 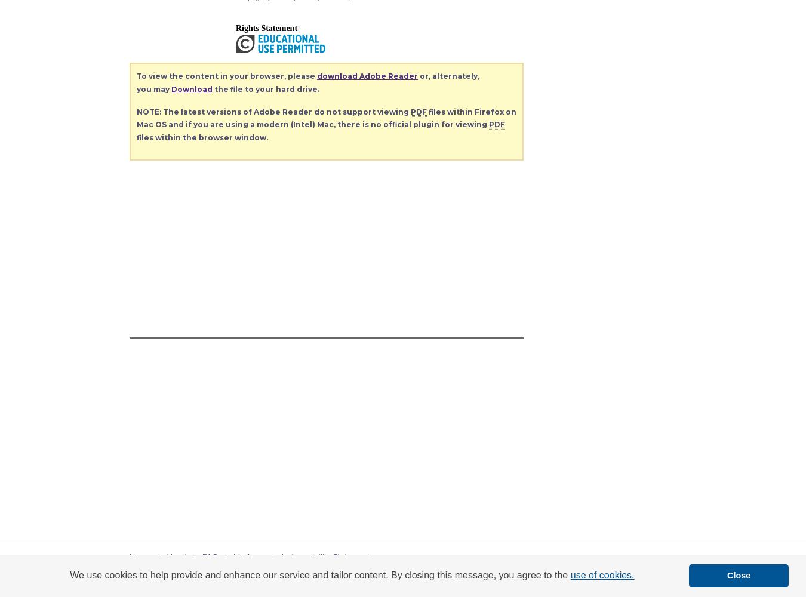 What do you see at coordinates (153, 89) in the screenshot?
I see `'you may'` at bounding box center [153, 89].